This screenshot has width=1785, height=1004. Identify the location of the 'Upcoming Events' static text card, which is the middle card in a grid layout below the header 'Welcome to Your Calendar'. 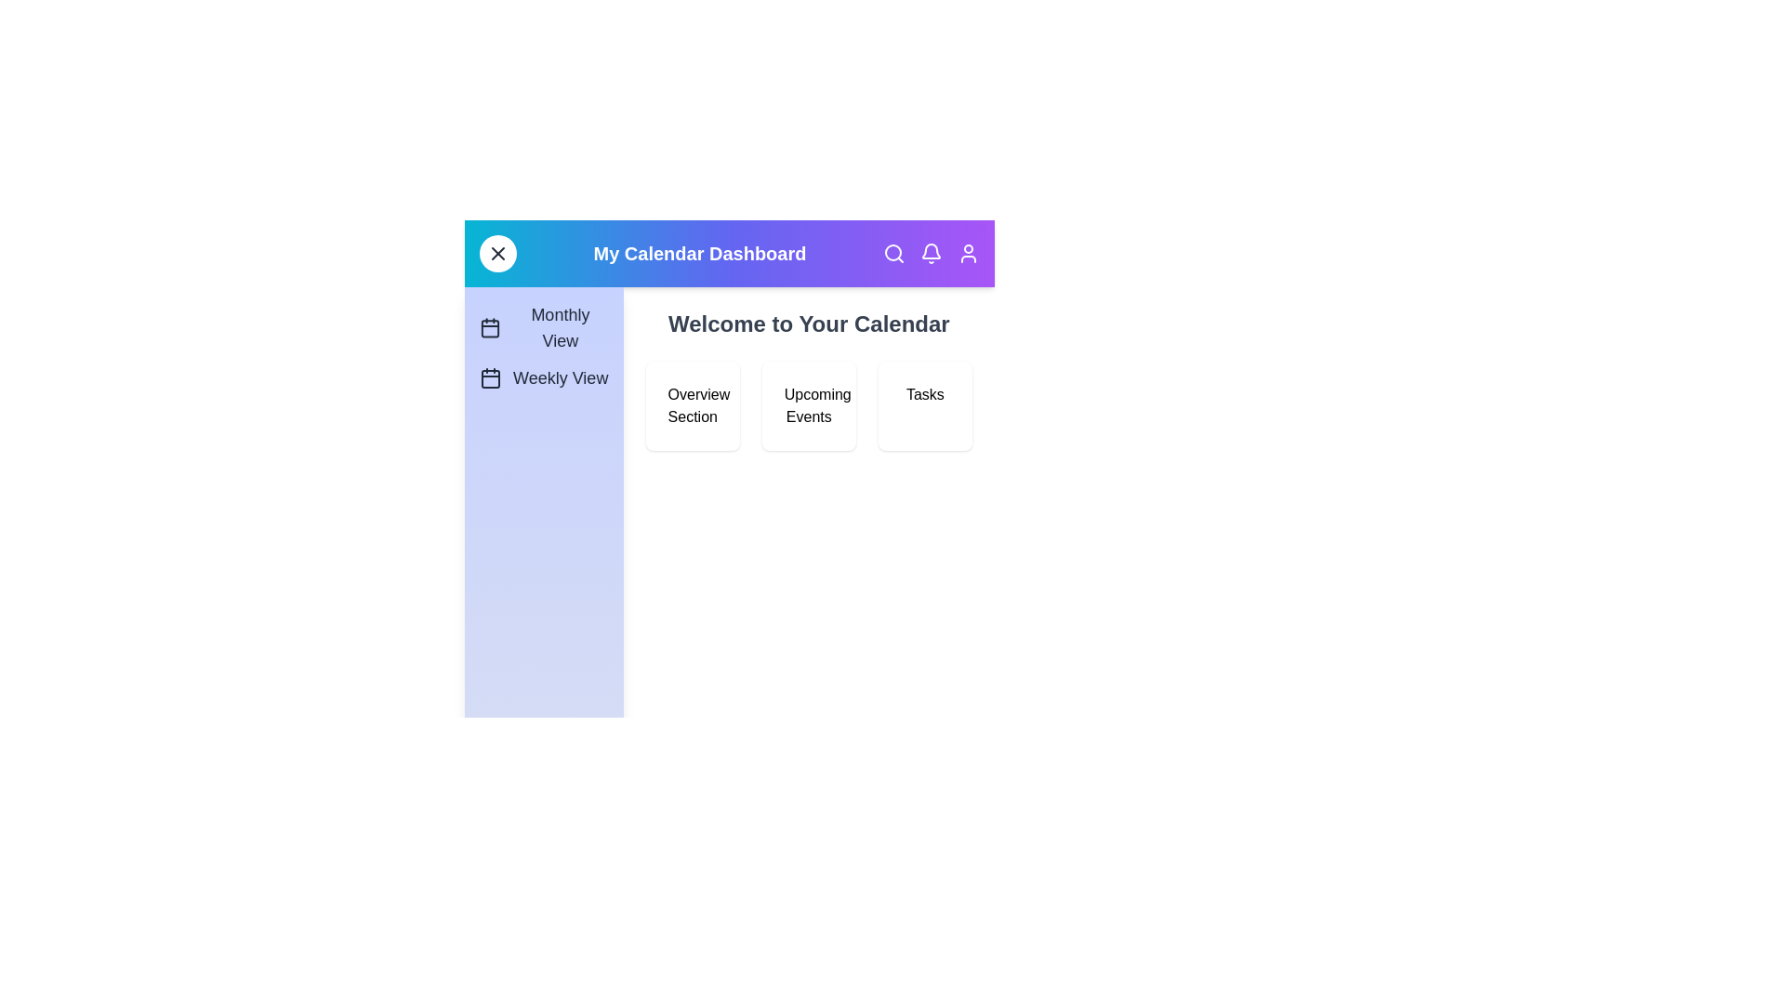
(809, 404).